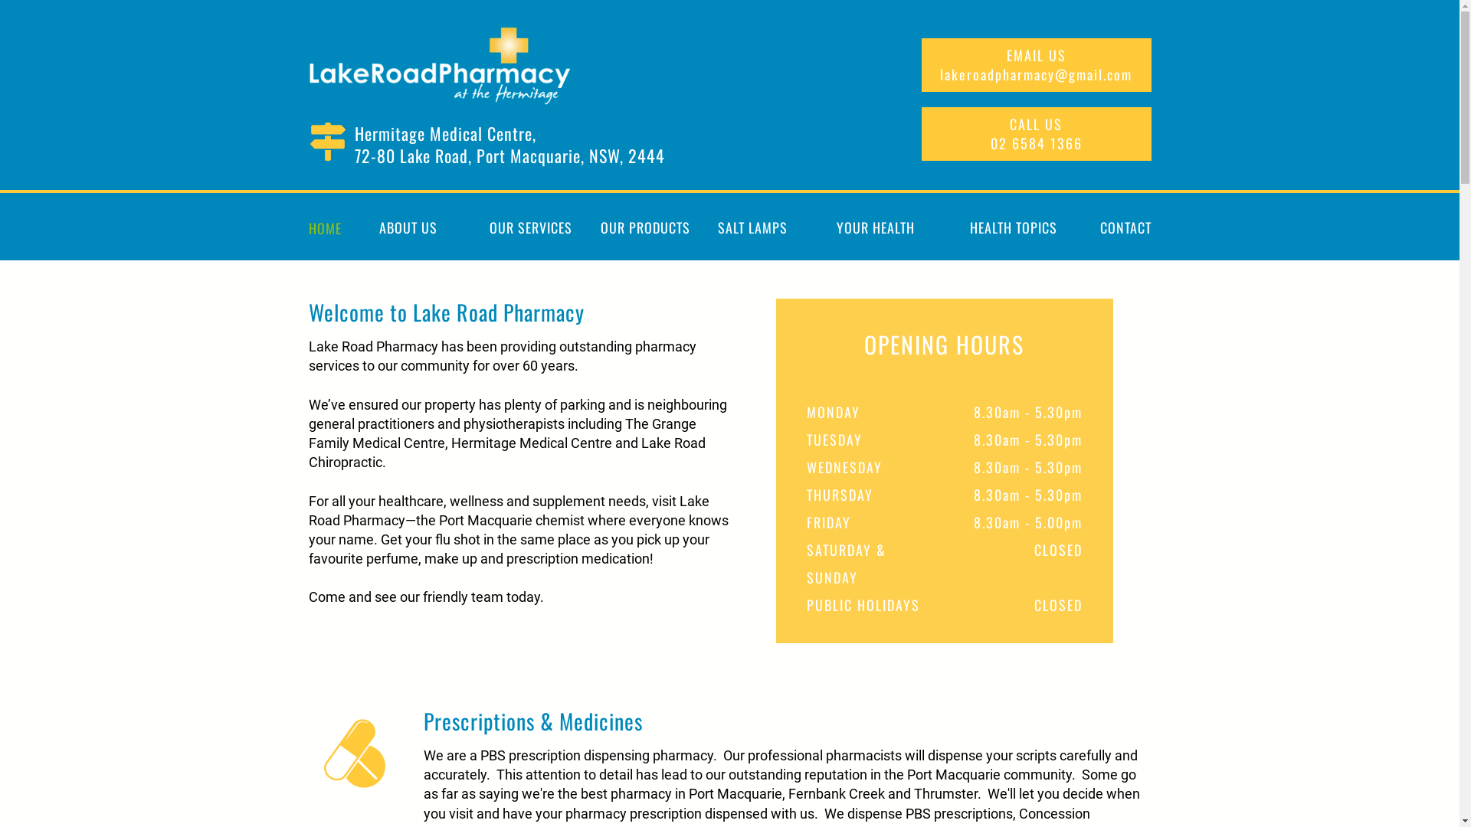 This screenshot has width=1471, height=827. I want to click on 'CONTACT', so click(1120, 227).